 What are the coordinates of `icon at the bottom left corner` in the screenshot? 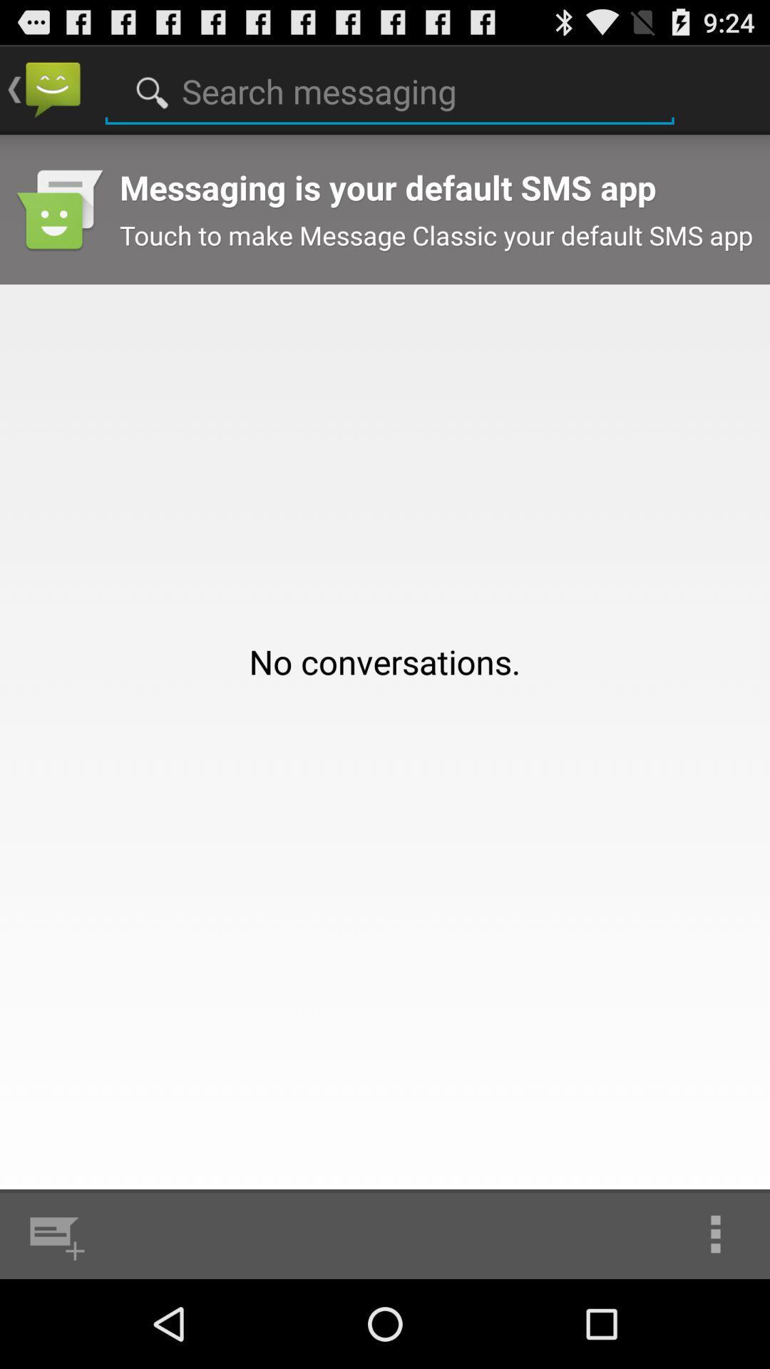 It's located at (53, 1234).